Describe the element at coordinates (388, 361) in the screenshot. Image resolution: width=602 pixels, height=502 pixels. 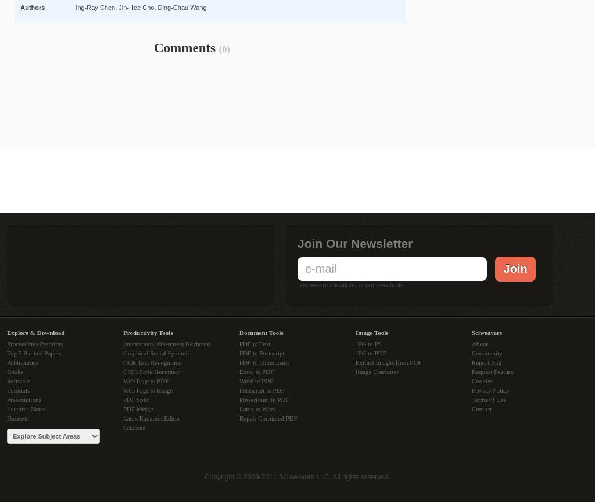
I see `'Extract Images from PDF'` at that location.